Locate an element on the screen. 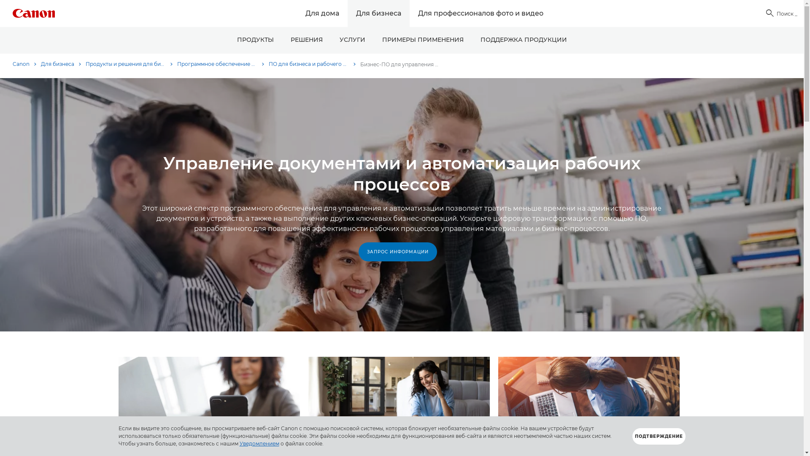  'Canon' is located at coordinates (12, 63).